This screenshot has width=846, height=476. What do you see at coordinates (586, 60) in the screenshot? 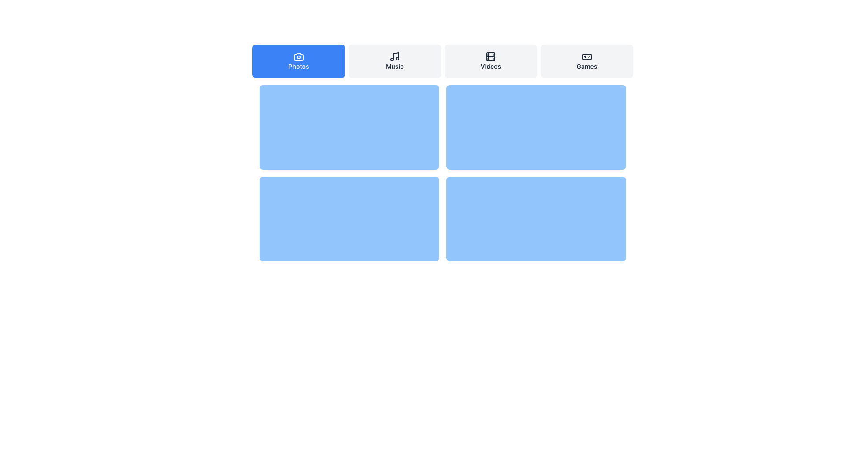
I see `the 'Games' button located at the far right of the top row in the button layout` at bounding box center [586, 60].